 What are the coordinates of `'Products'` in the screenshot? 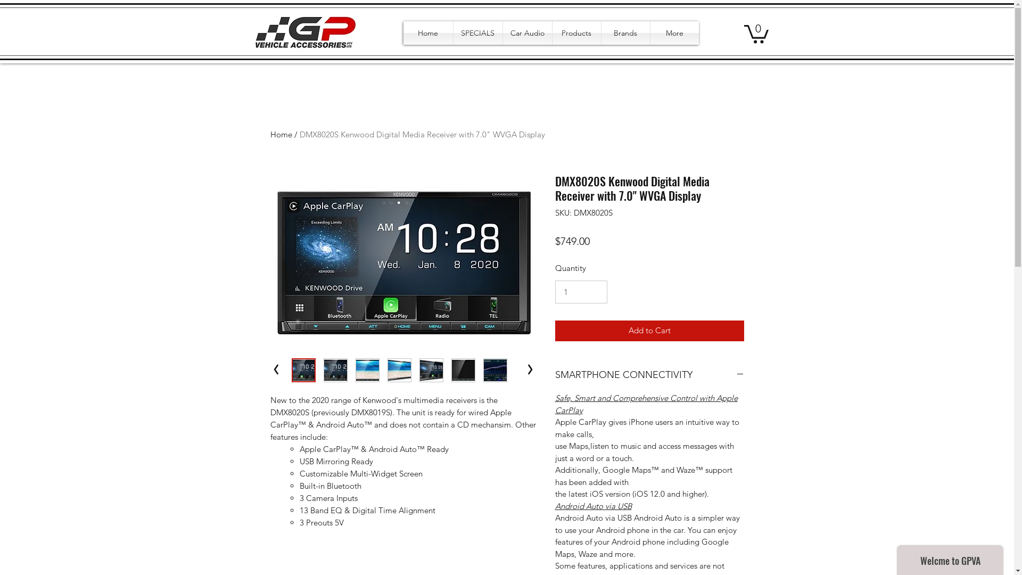 It's located at (576, 32).